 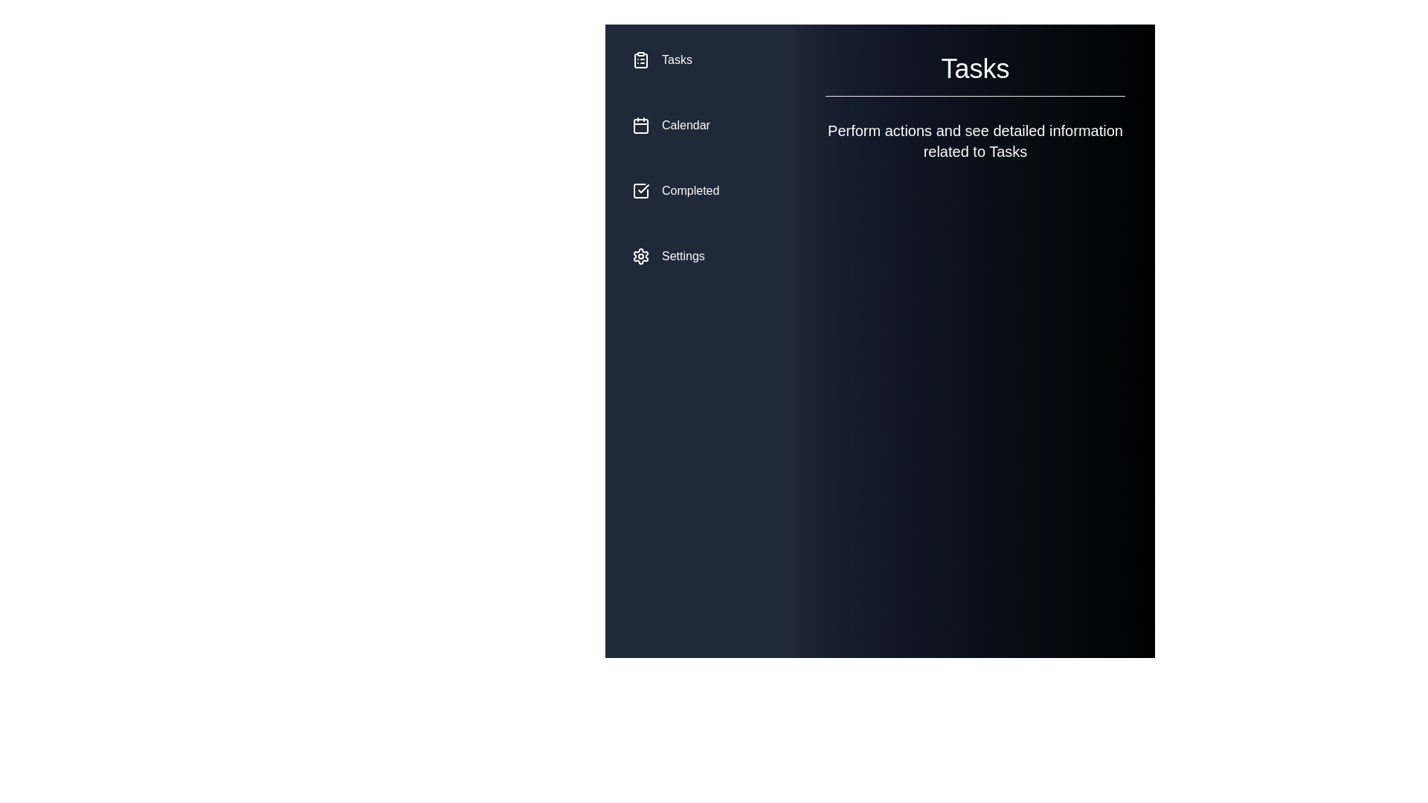 What do you see at coordinates (699, 255) in the screenshot?
I see `the menu item Settings to preview its state` at bounding box center [699, 255].